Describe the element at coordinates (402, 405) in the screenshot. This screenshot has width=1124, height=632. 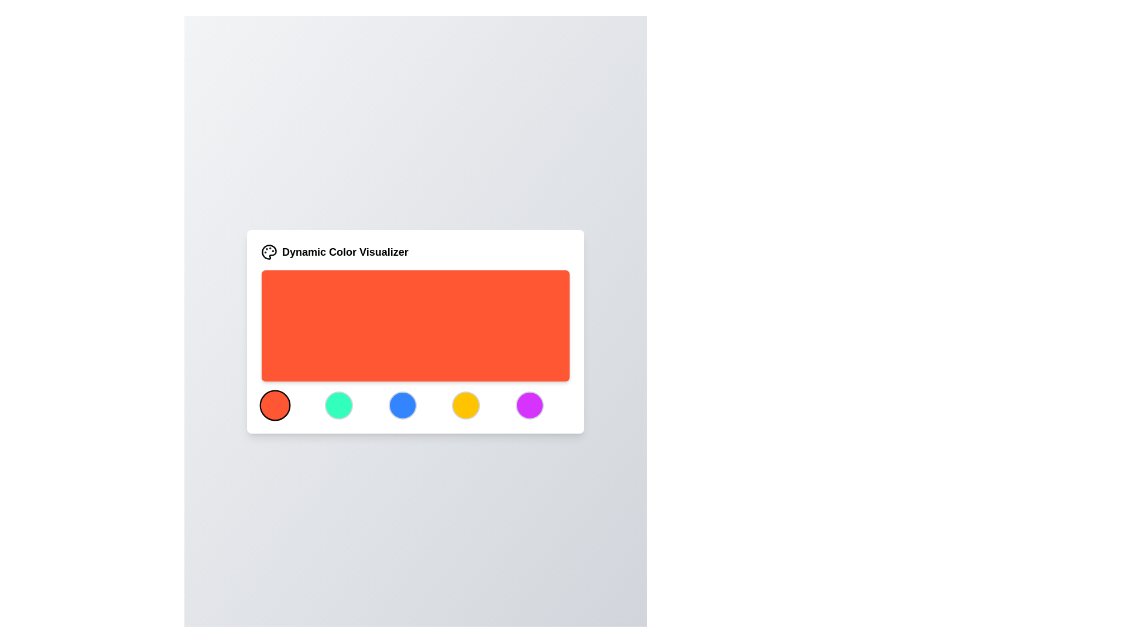
I see `the circular blue button with a gray border` at that location.